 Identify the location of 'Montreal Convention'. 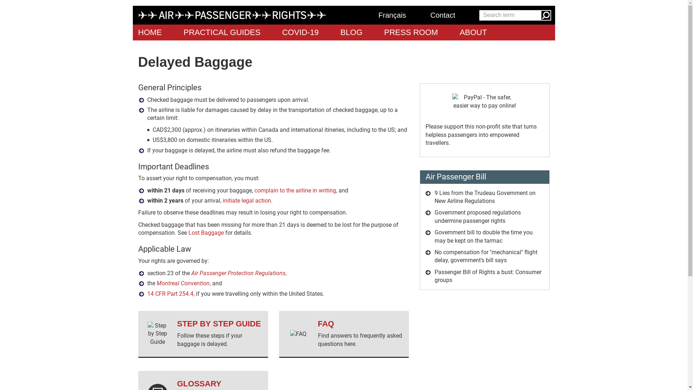
(183, 283).